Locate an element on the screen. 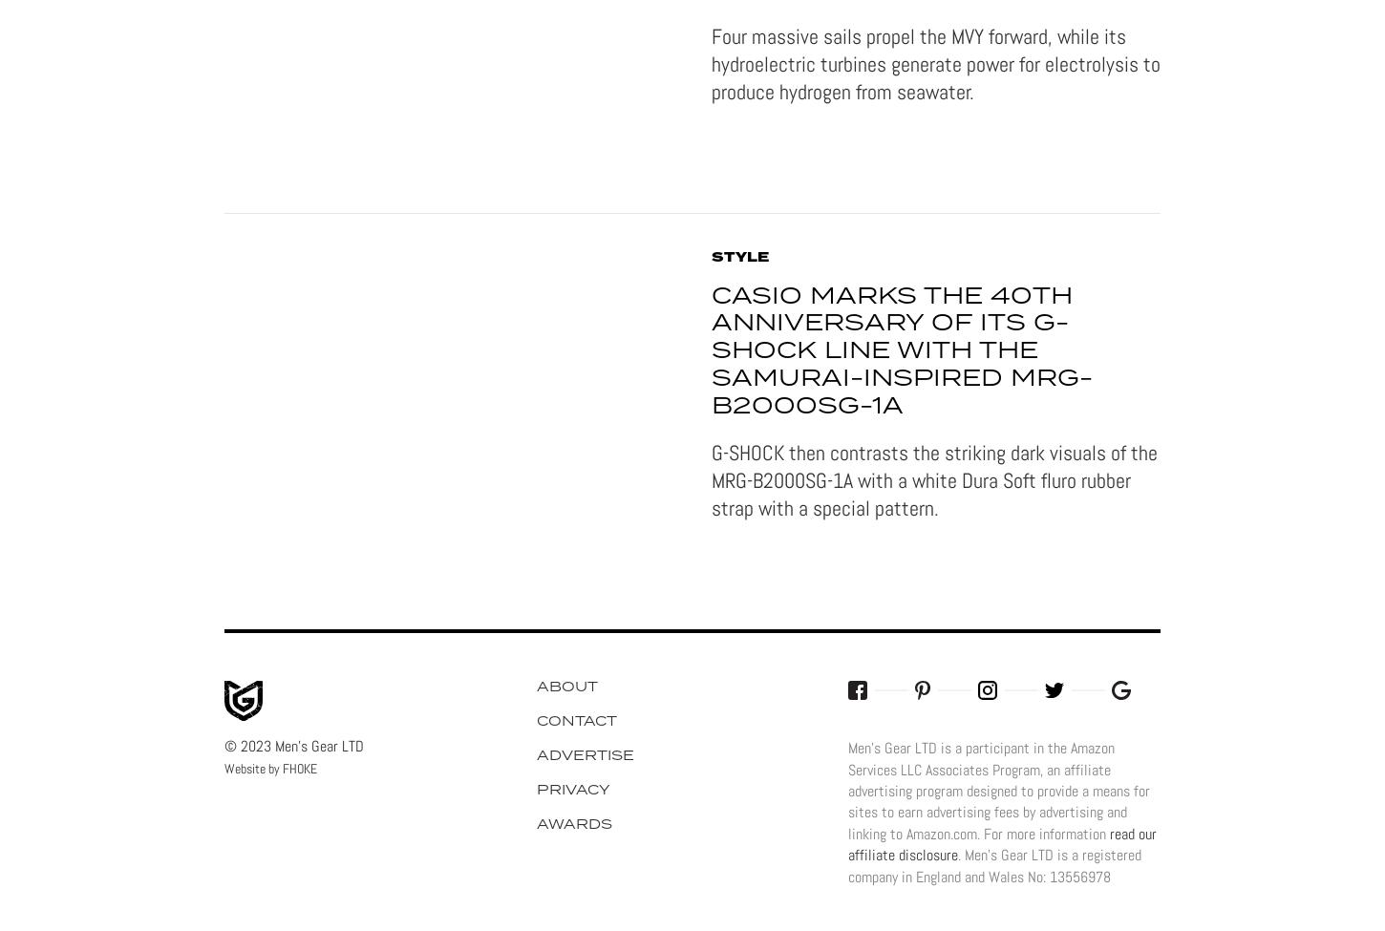 This screenshot has width=1385, height=931. 'Contact' is located at coordinates (576, 720).